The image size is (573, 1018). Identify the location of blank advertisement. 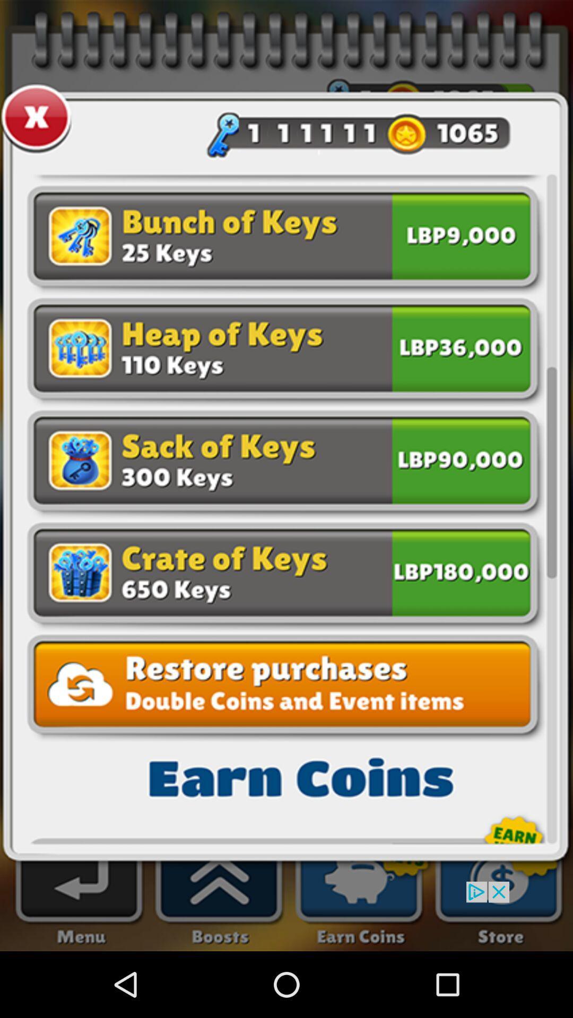
(286, 916).